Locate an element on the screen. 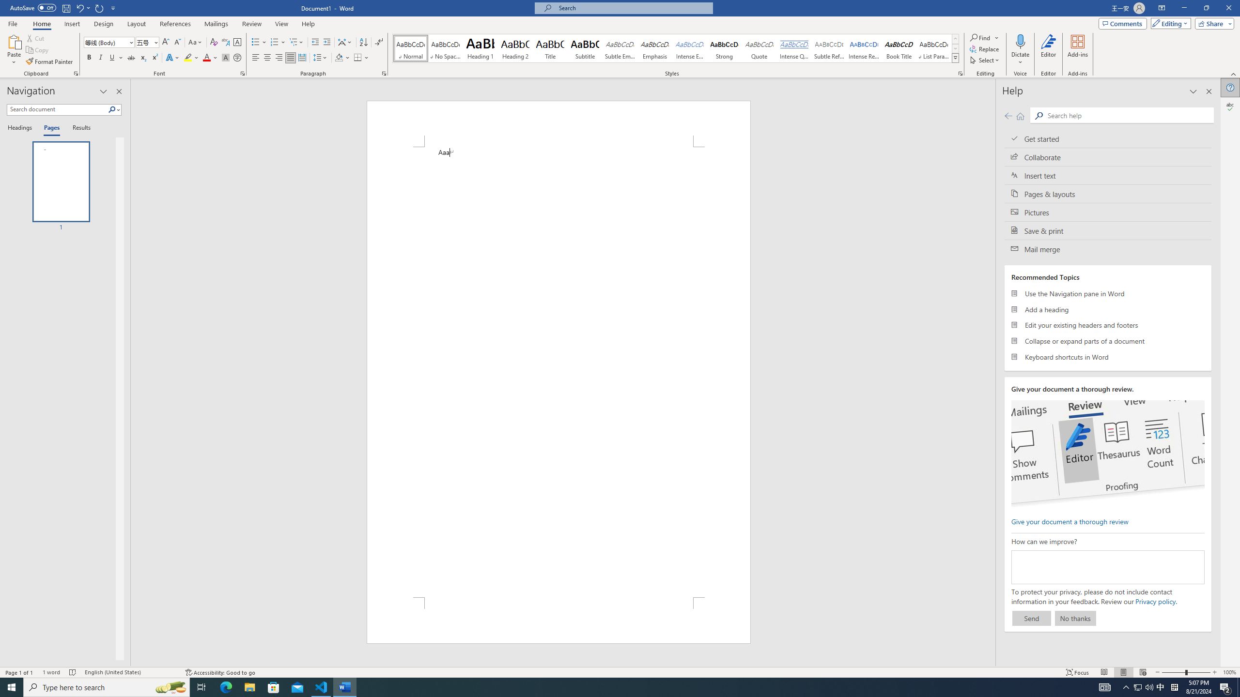  'Intense Emphasis' is located at coordinates (689, 48).